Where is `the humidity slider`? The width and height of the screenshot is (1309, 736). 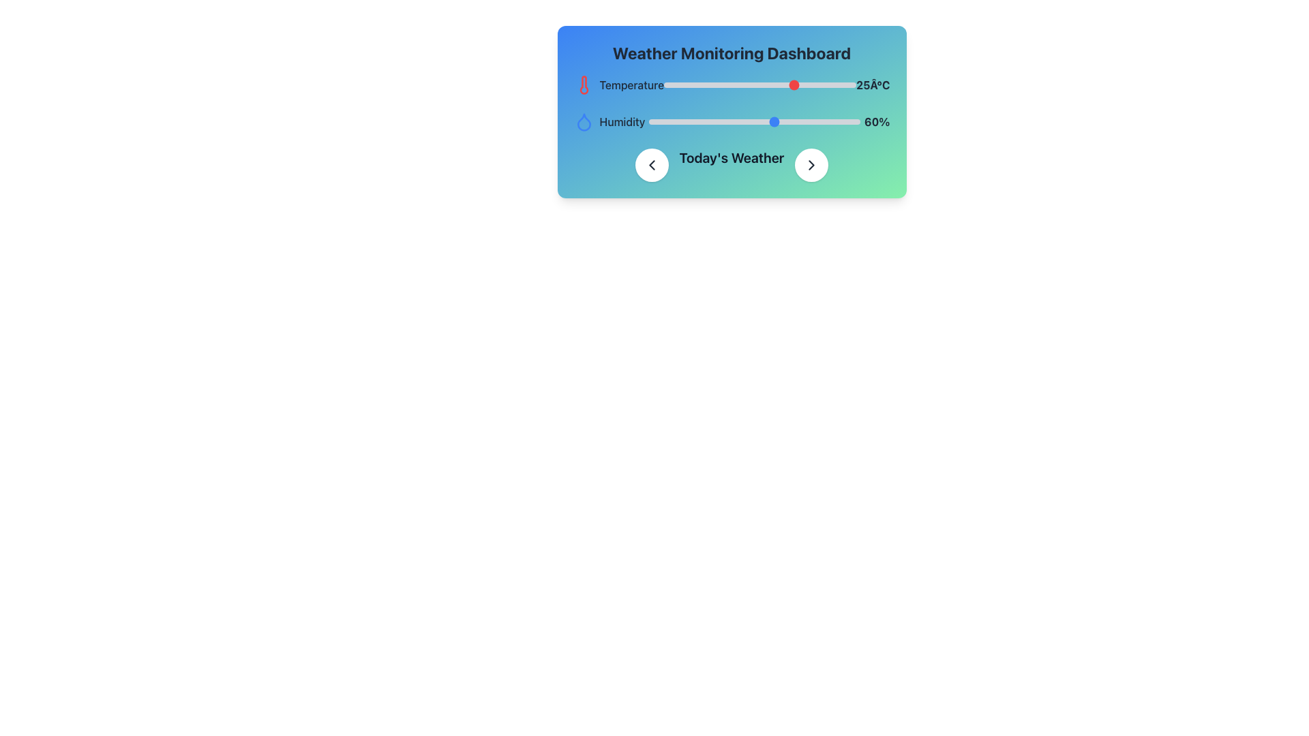
the humidity slider is located at coordinates (788, 121).